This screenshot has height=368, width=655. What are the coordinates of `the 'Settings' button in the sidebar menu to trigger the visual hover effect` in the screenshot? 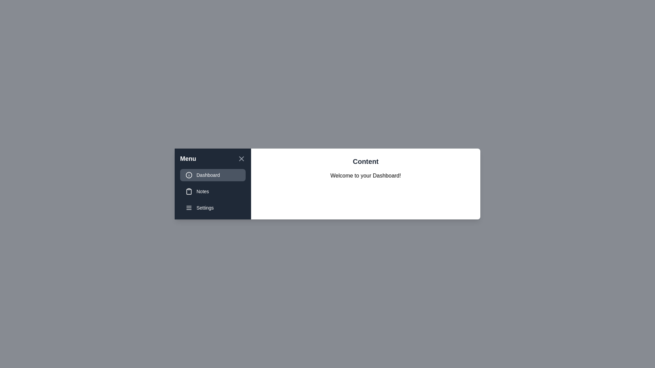 It's located at (213, 207).